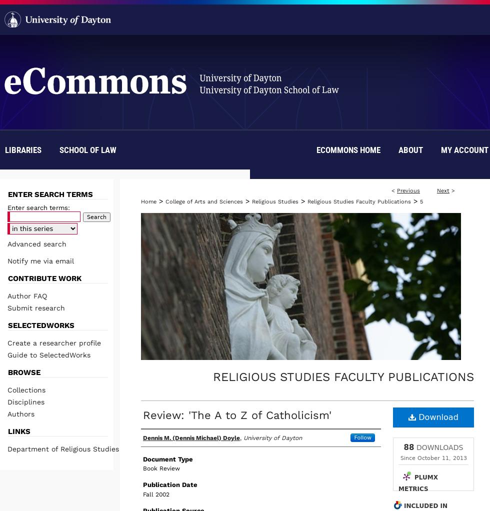 This screenshot has height=511, width=490. I want to click on 'Create a researcher profile', so click(54, 342).